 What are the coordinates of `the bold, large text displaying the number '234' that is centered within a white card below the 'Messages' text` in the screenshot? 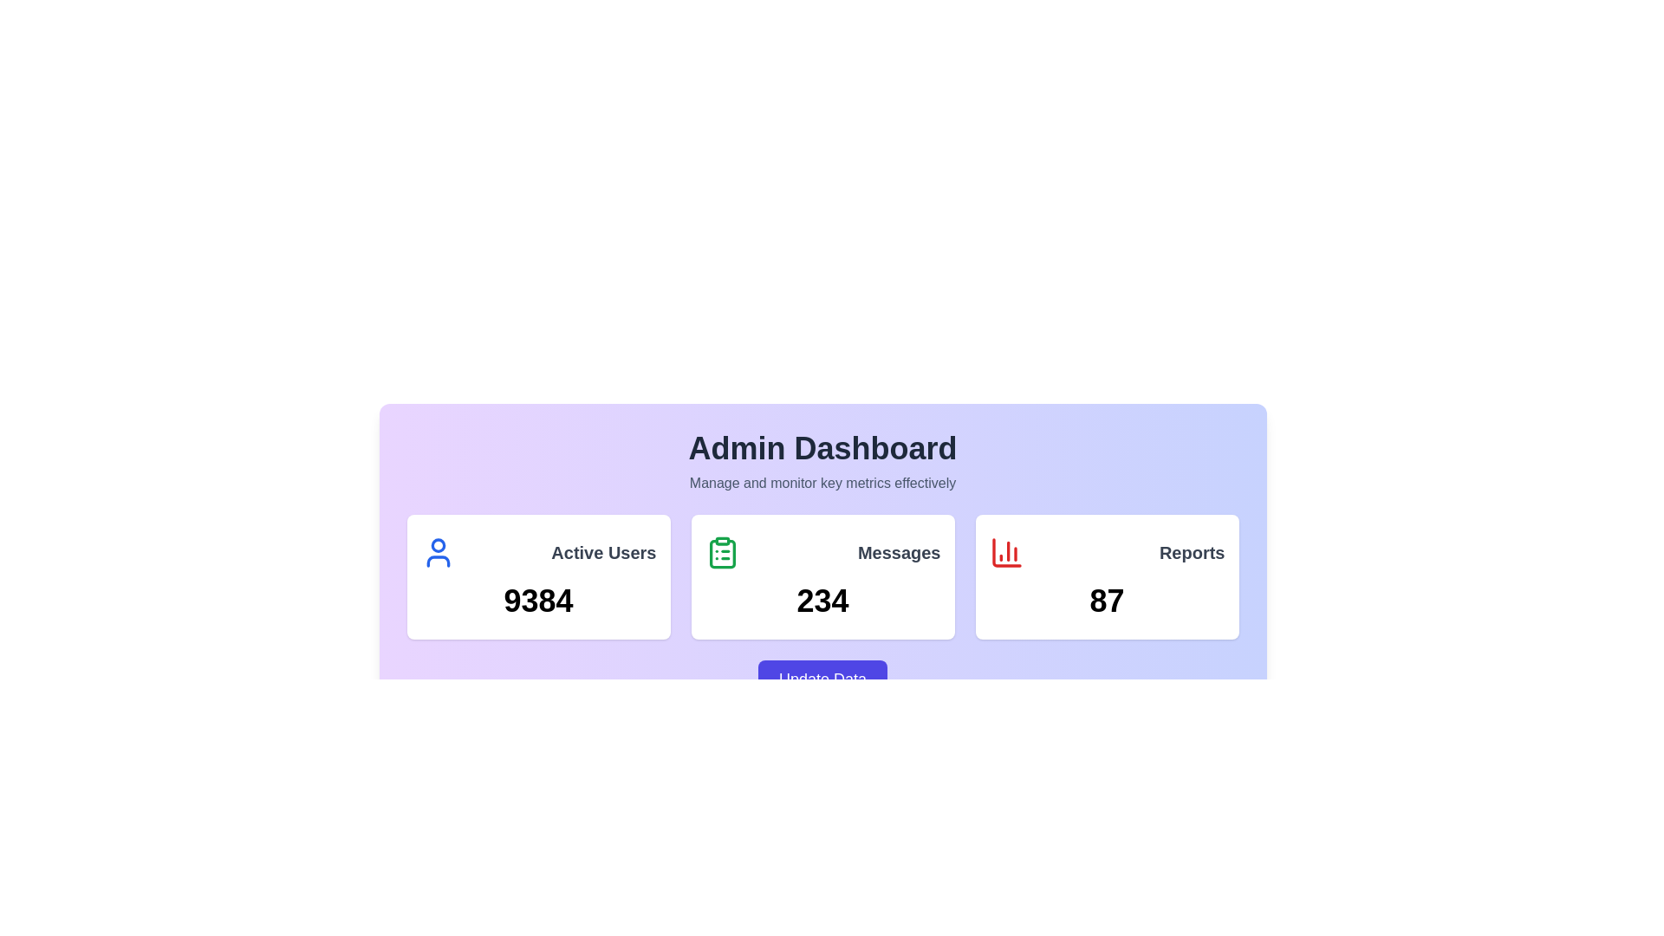 It's located at (822, 601).